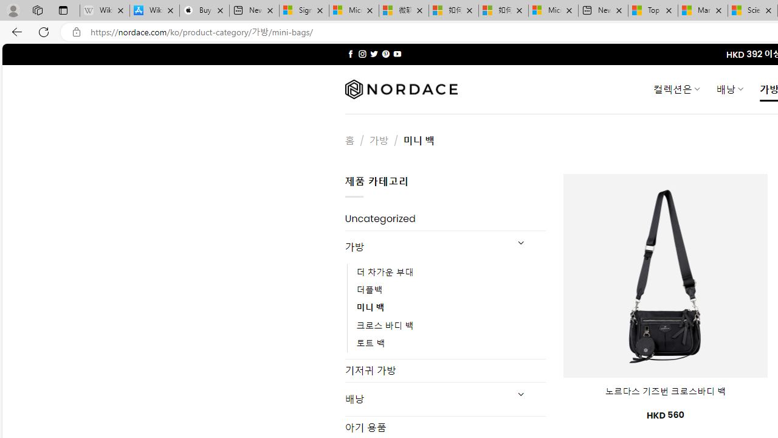  What do you see at coordinates (652, 10) in the screenshot?
I see `'Top Stories - MSN'` at bounding box center [652, 10].